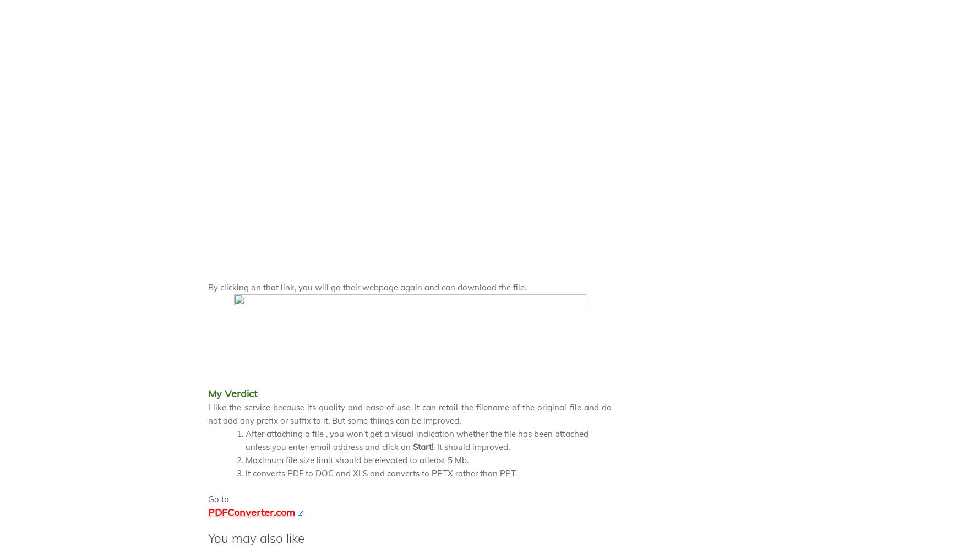 This screenshot has height=554, width=980. Describe the element at coordinates (412, 446) in the screenshot. I see `'Start!'` at that location.